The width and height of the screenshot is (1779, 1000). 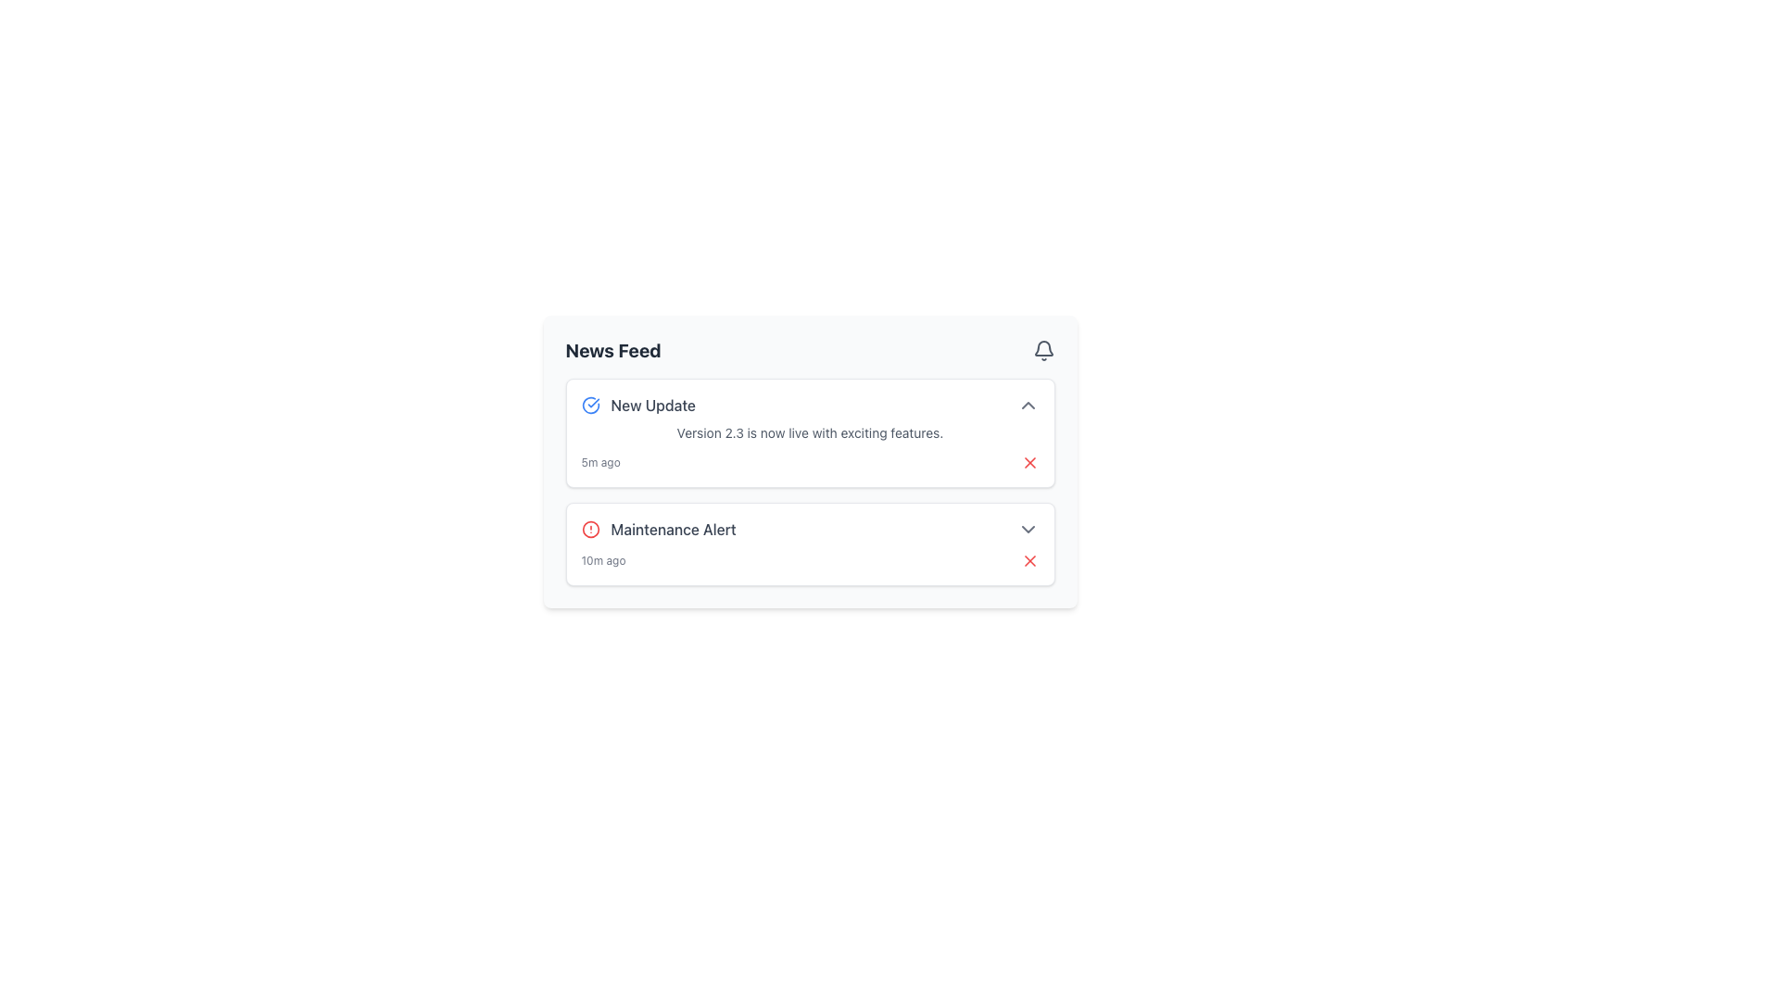 What do you see at coordinates (810, 432) in the screenshot?
I see `the text label displaying 'Version 2.3 is now live with exciting features.' located below the title 'New Update' in the announcement card` at bounding box center [810, 432].